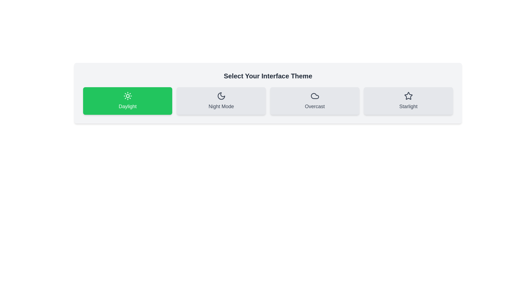 Image resolution: width=530 pixels, height=298 pixels. What do you see at coordinates (315, 101) in the screenshot?
I see `the theme button labeled Overcast` at bounding box center [315, 101].